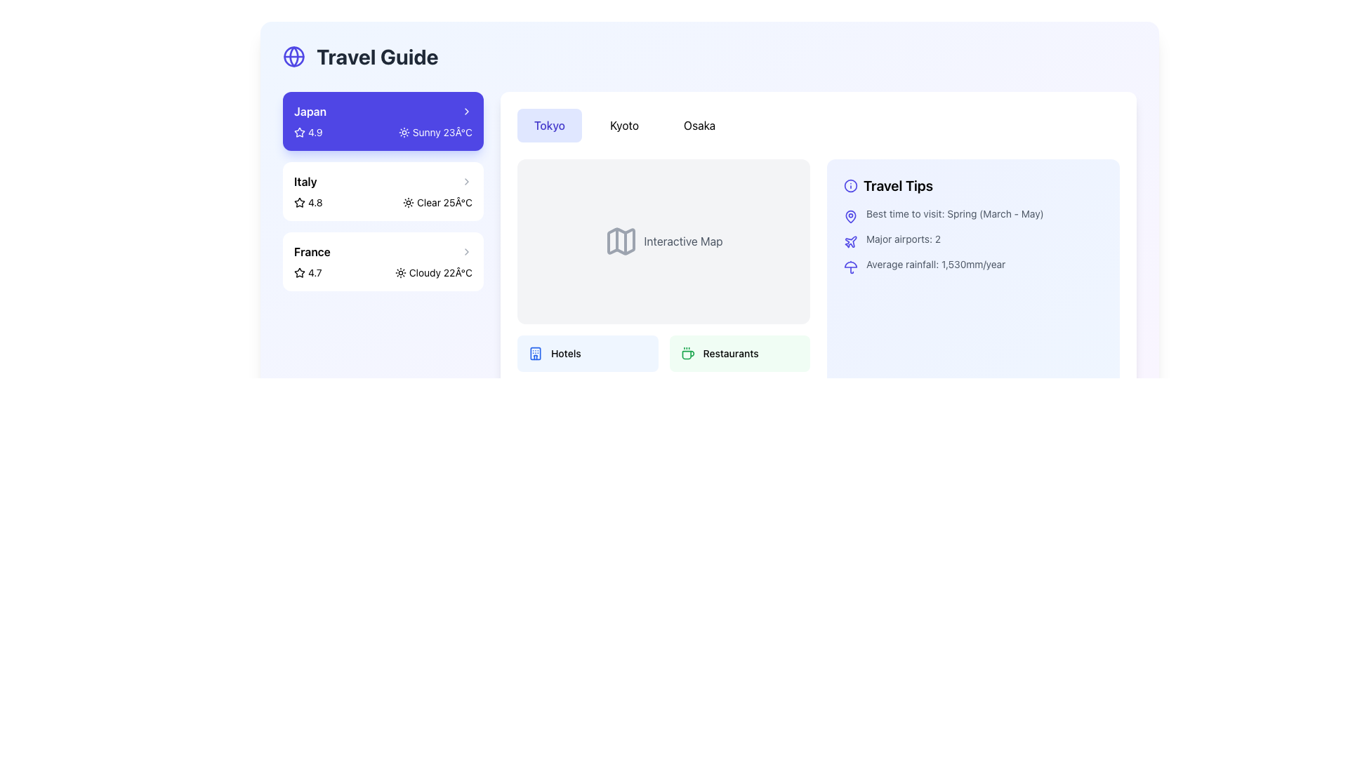 This screenshot has width=1348, height=758. I want to click on the Text Label that describes the interactive map feature, located to the right of the map icon, so click(683, 241).